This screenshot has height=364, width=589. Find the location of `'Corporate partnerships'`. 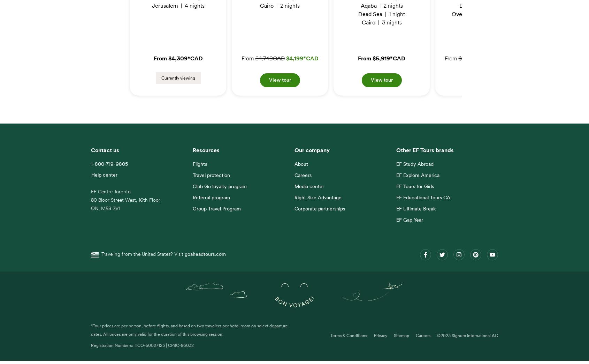

'Corporate partnerships' is located at coordinates (319, 213).